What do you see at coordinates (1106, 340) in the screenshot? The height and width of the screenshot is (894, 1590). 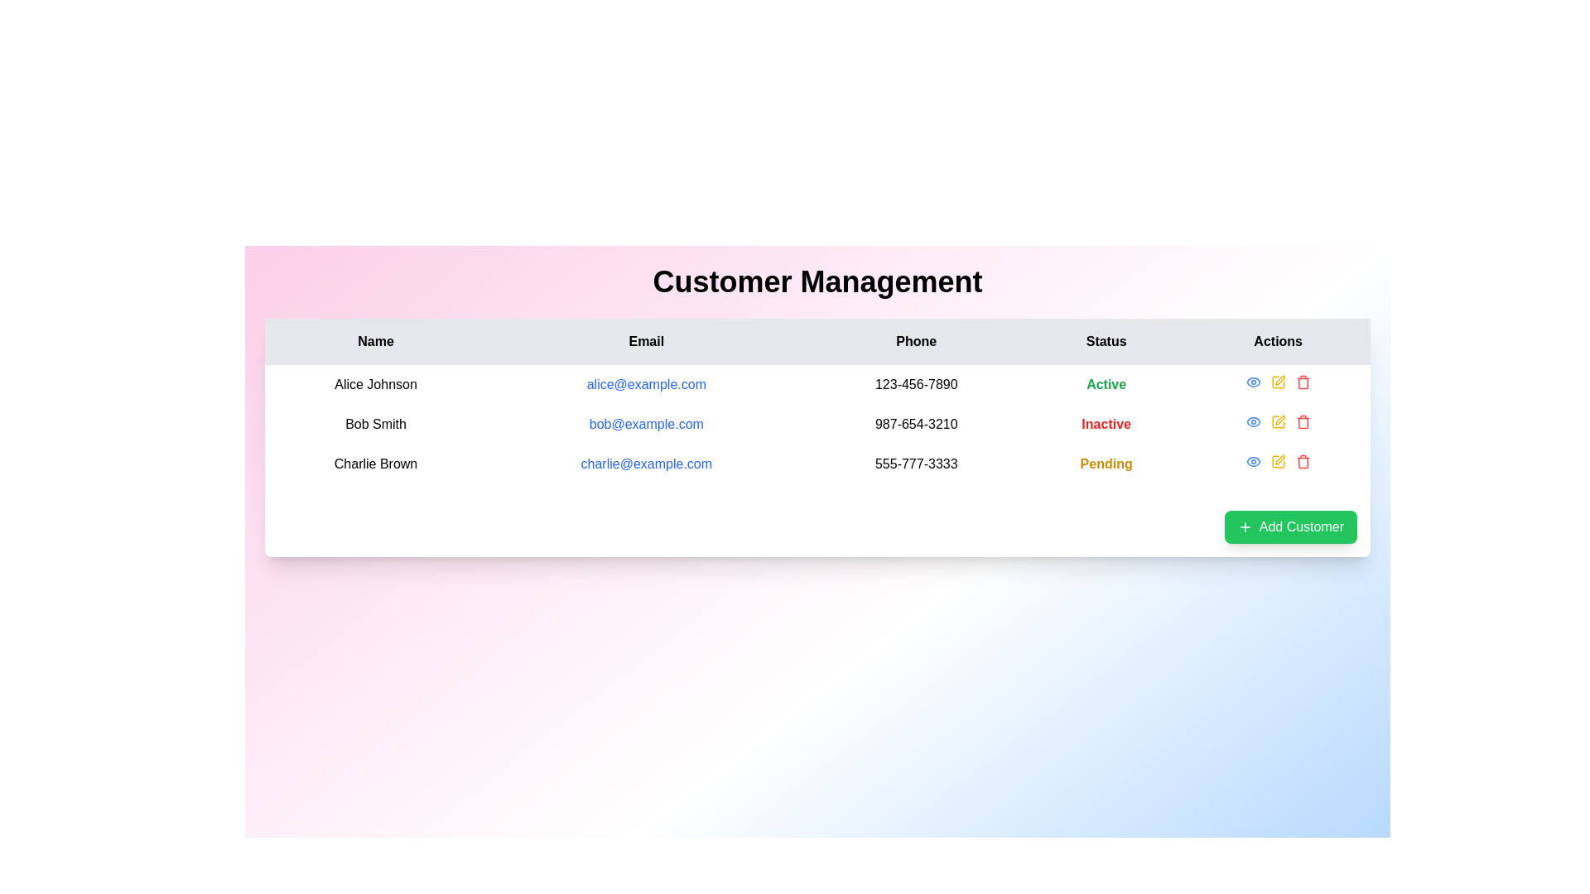 I see `the 'Status' column header in the table, which is the fourth column header located between the 'Phone' and 'Actions' columns` at bounding box center [1106, 340].